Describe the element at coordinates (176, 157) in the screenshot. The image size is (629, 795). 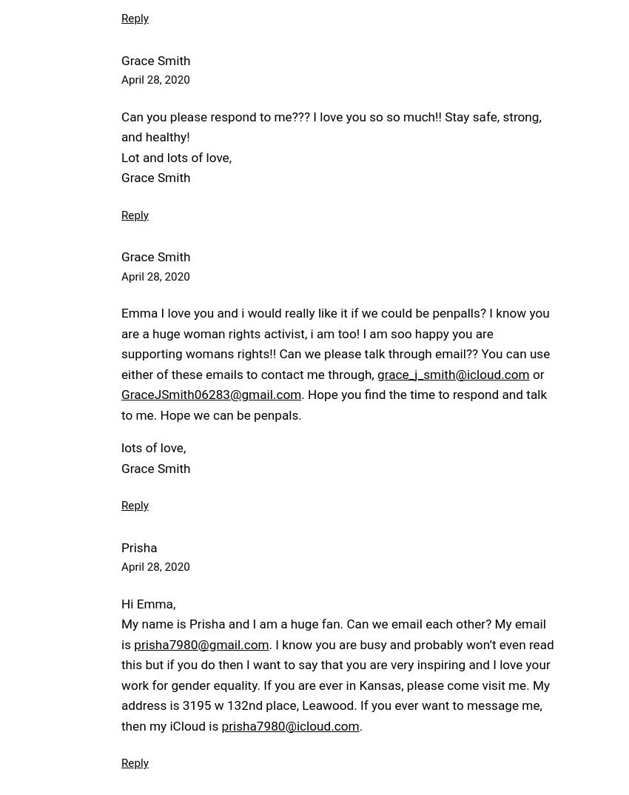
I see `'Lot and lots of love,'` at that location.